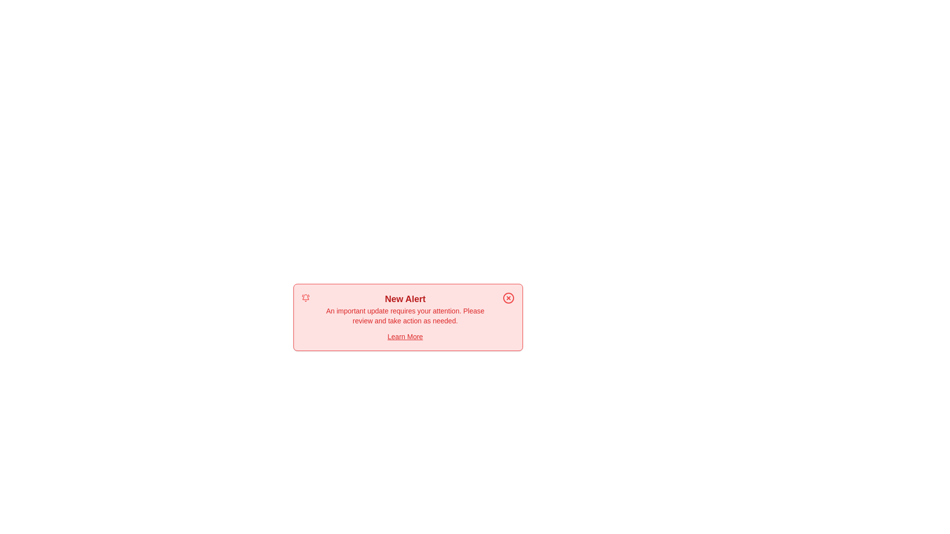  What do you see at coordinates (508, 297) in the screenshot?
I see `the close button (X icon) to hide the alert` at bounding box center [508, 297].